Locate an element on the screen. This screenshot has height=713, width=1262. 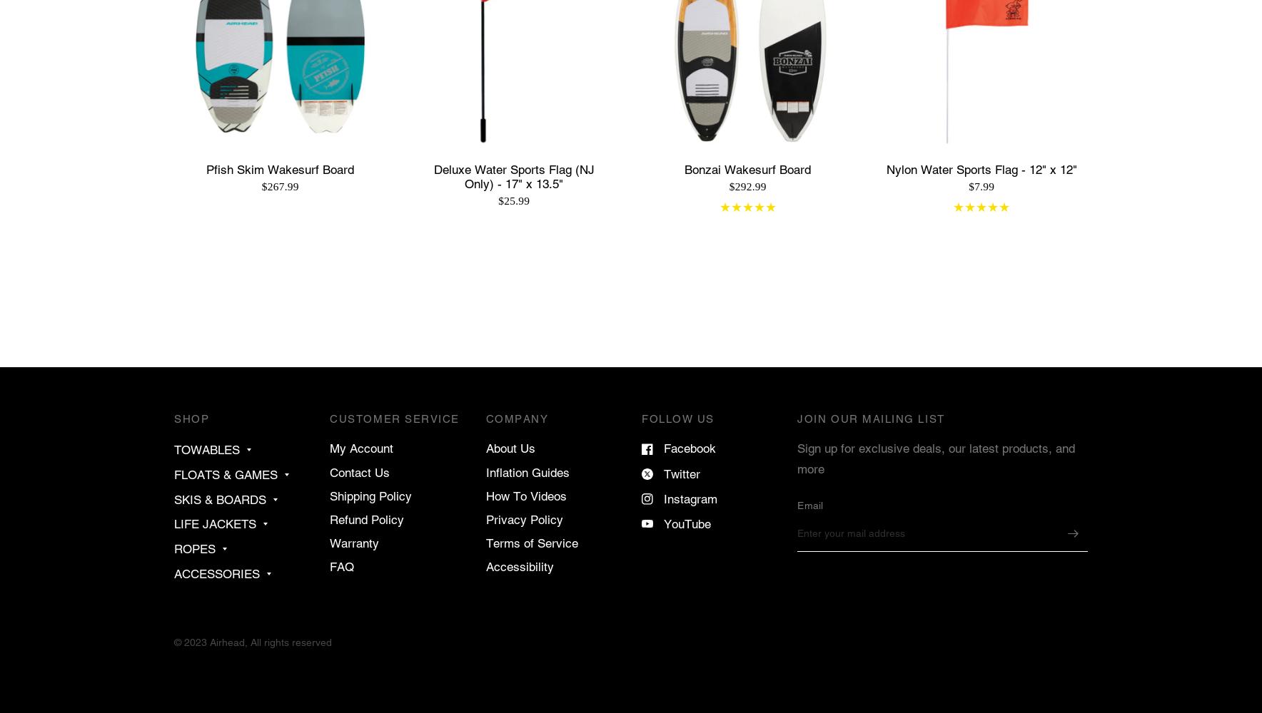
'ACCESSORIES' is located at coordinates (216, 573).